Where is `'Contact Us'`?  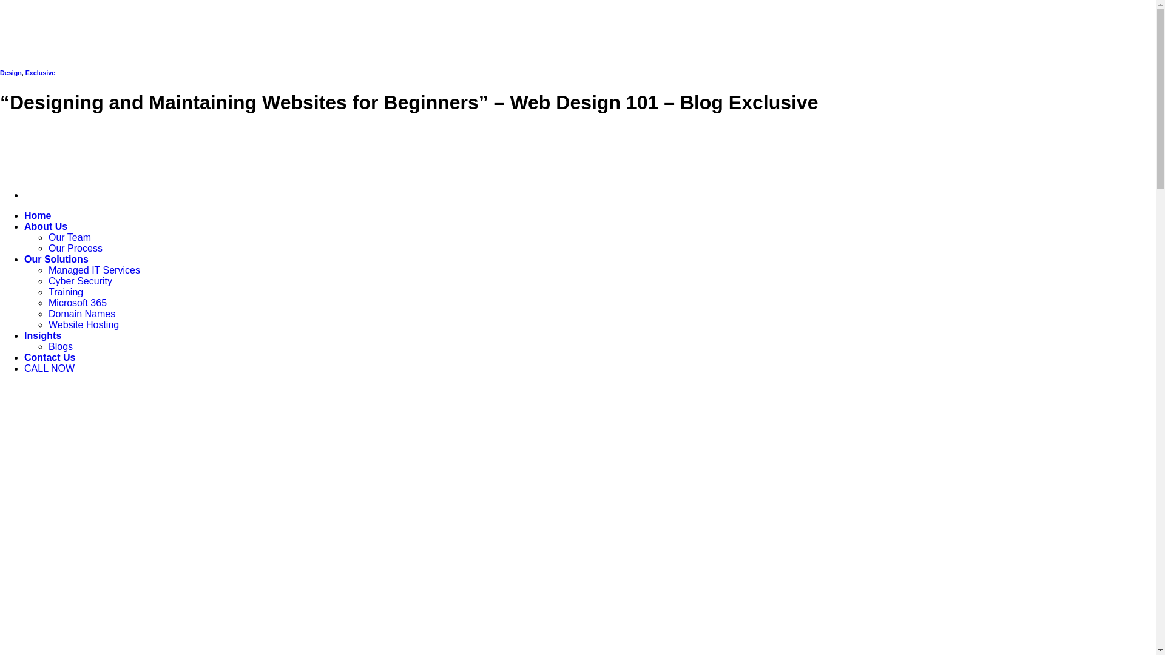 'Contact Us' is located at coordinates (49, 357).